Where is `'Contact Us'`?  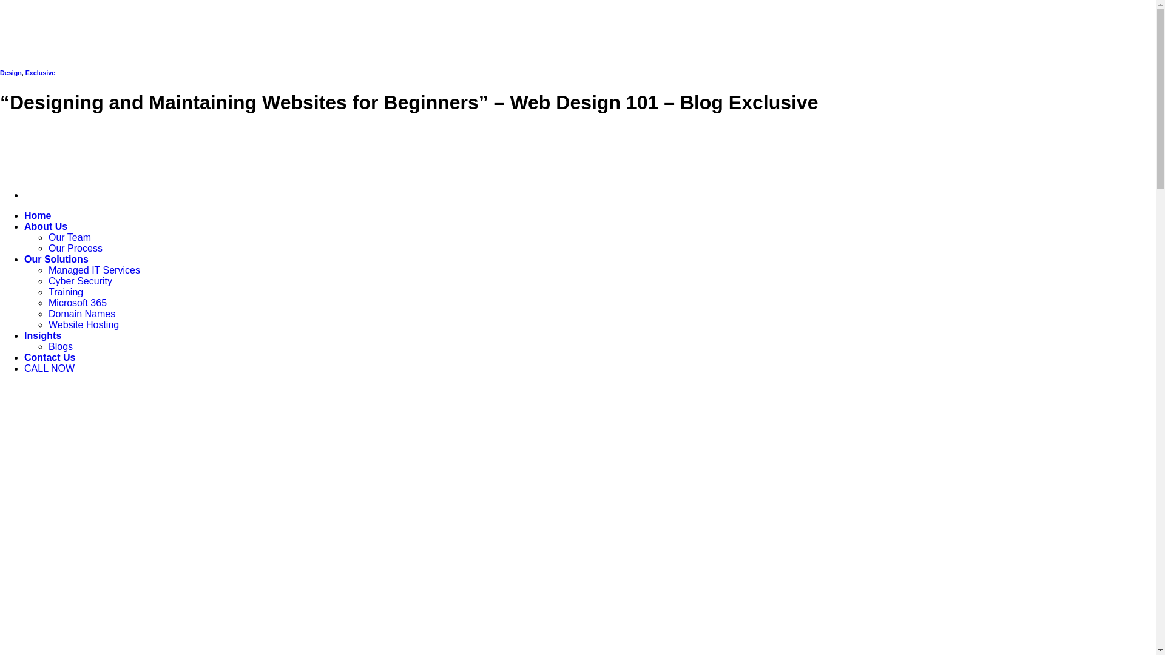 'Contact Us' is located at coordinates (49, 357).